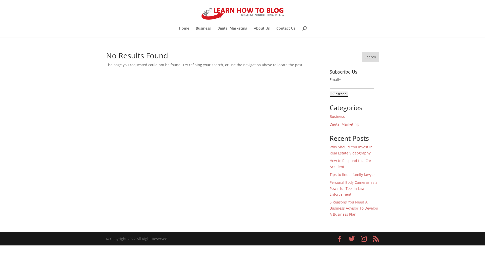 The height and width of the screenshot is (273, 485). I want to click on 'Why Should You Invest in Real Estate Videography', so click(330, 150).